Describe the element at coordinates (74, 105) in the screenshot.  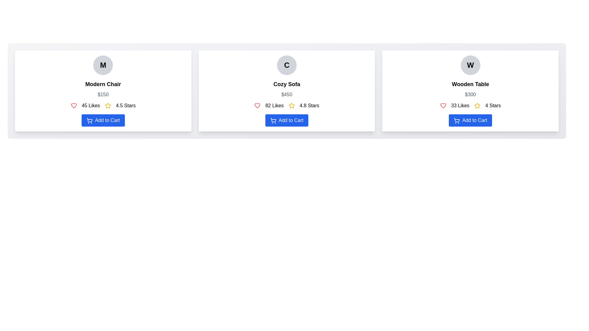
I see `the heart icon, which is a red rounded icon representing a 'like' action, located in the first card section labeled 'Modern Chair', below the product description and pricing details, adjacent to '45 Likes'` at that location.